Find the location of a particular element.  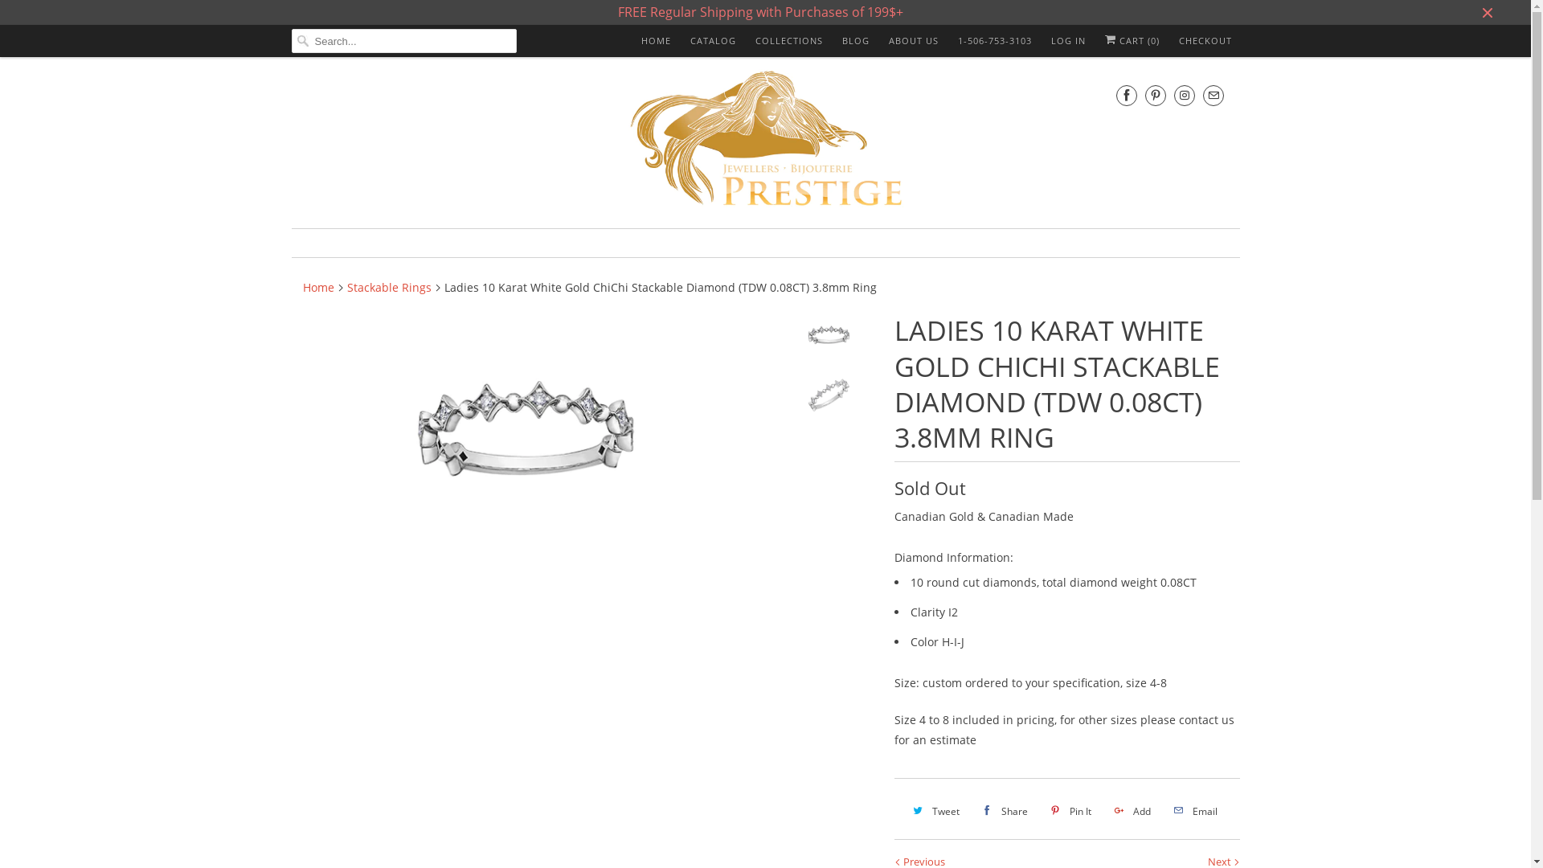

'Pin It' is located at coordinates (1069, 811).